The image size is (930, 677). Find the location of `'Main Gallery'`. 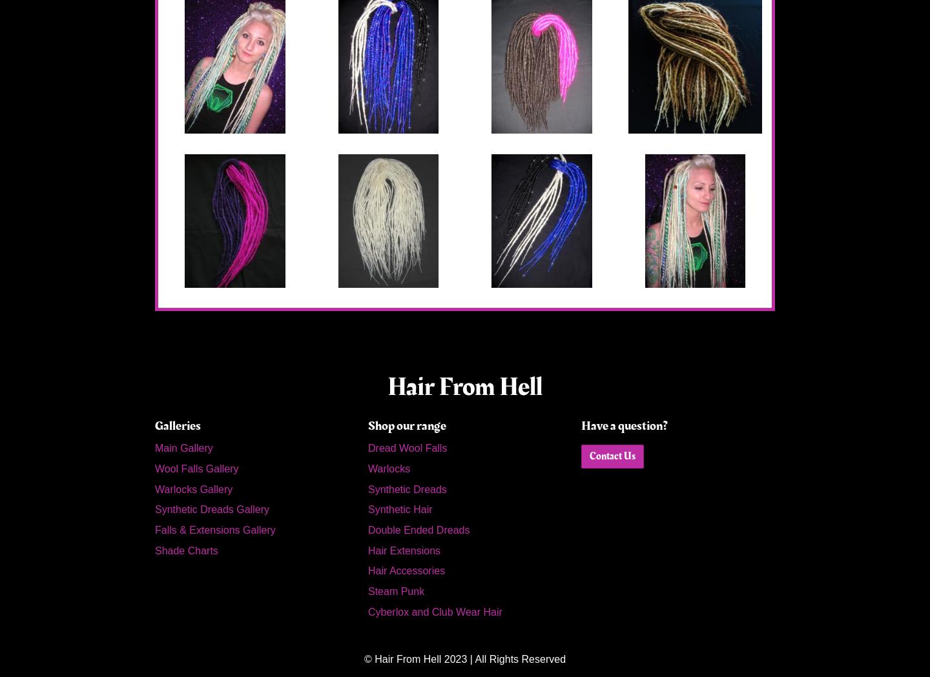

'Main Gallery' is located at coordinates (183, 448).